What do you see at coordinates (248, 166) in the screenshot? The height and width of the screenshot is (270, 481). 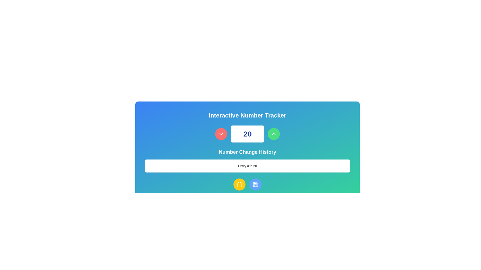 I see `the Static information display box that shows an entry from the change history, positioned below the 'Number Change History' title` at bounding box center [248, 166].